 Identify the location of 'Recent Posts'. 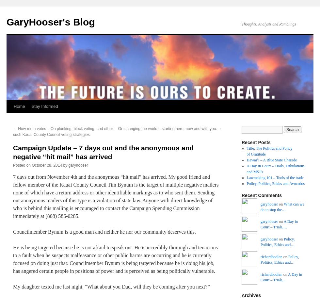
(256, 142).